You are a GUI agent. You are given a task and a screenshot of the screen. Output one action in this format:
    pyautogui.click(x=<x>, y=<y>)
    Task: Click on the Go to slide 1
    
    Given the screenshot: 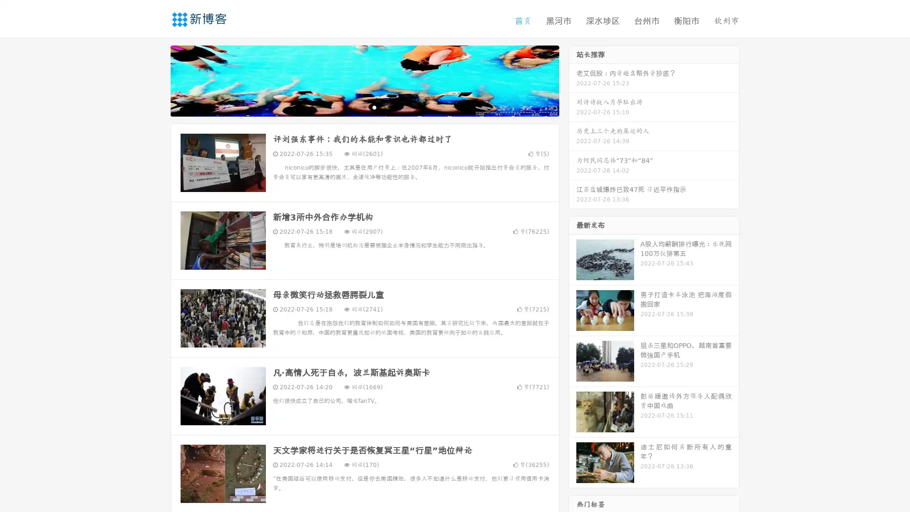 What is the action you would take?
    pyautogui.click(x=355, y=107)
    